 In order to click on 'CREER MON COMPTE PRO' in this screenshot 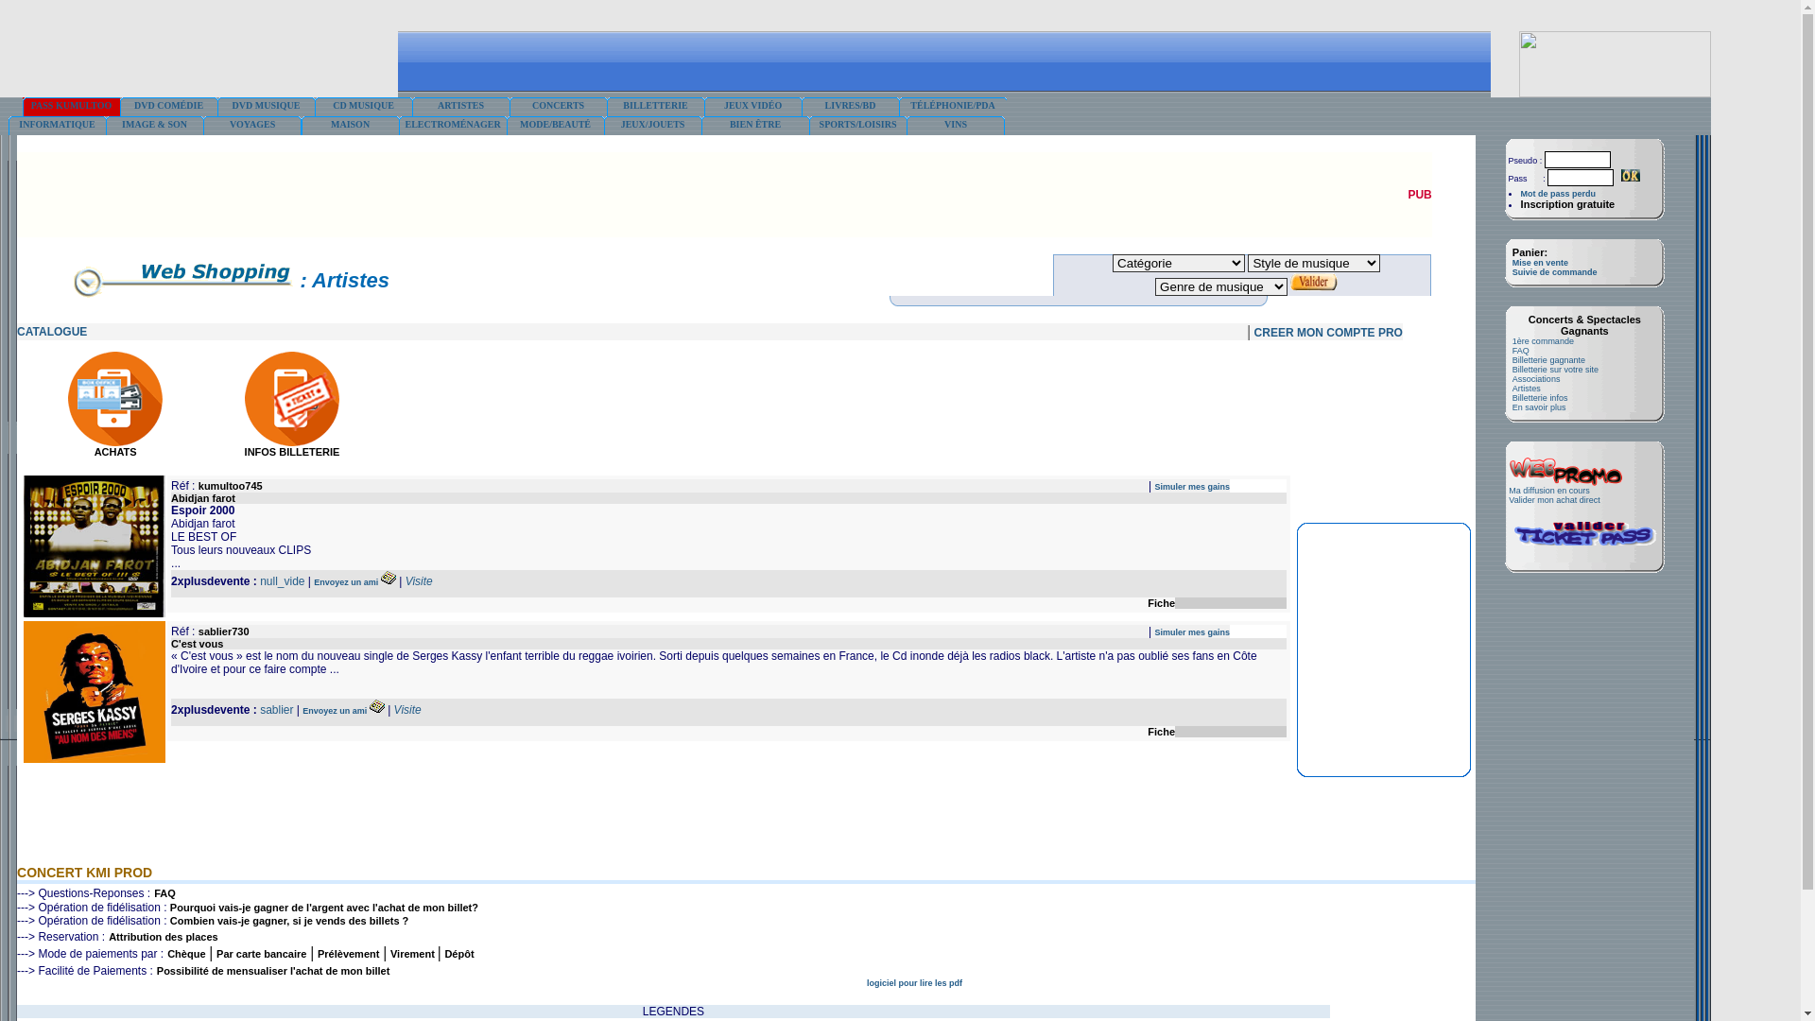, I will do `click(1253, 331)`.